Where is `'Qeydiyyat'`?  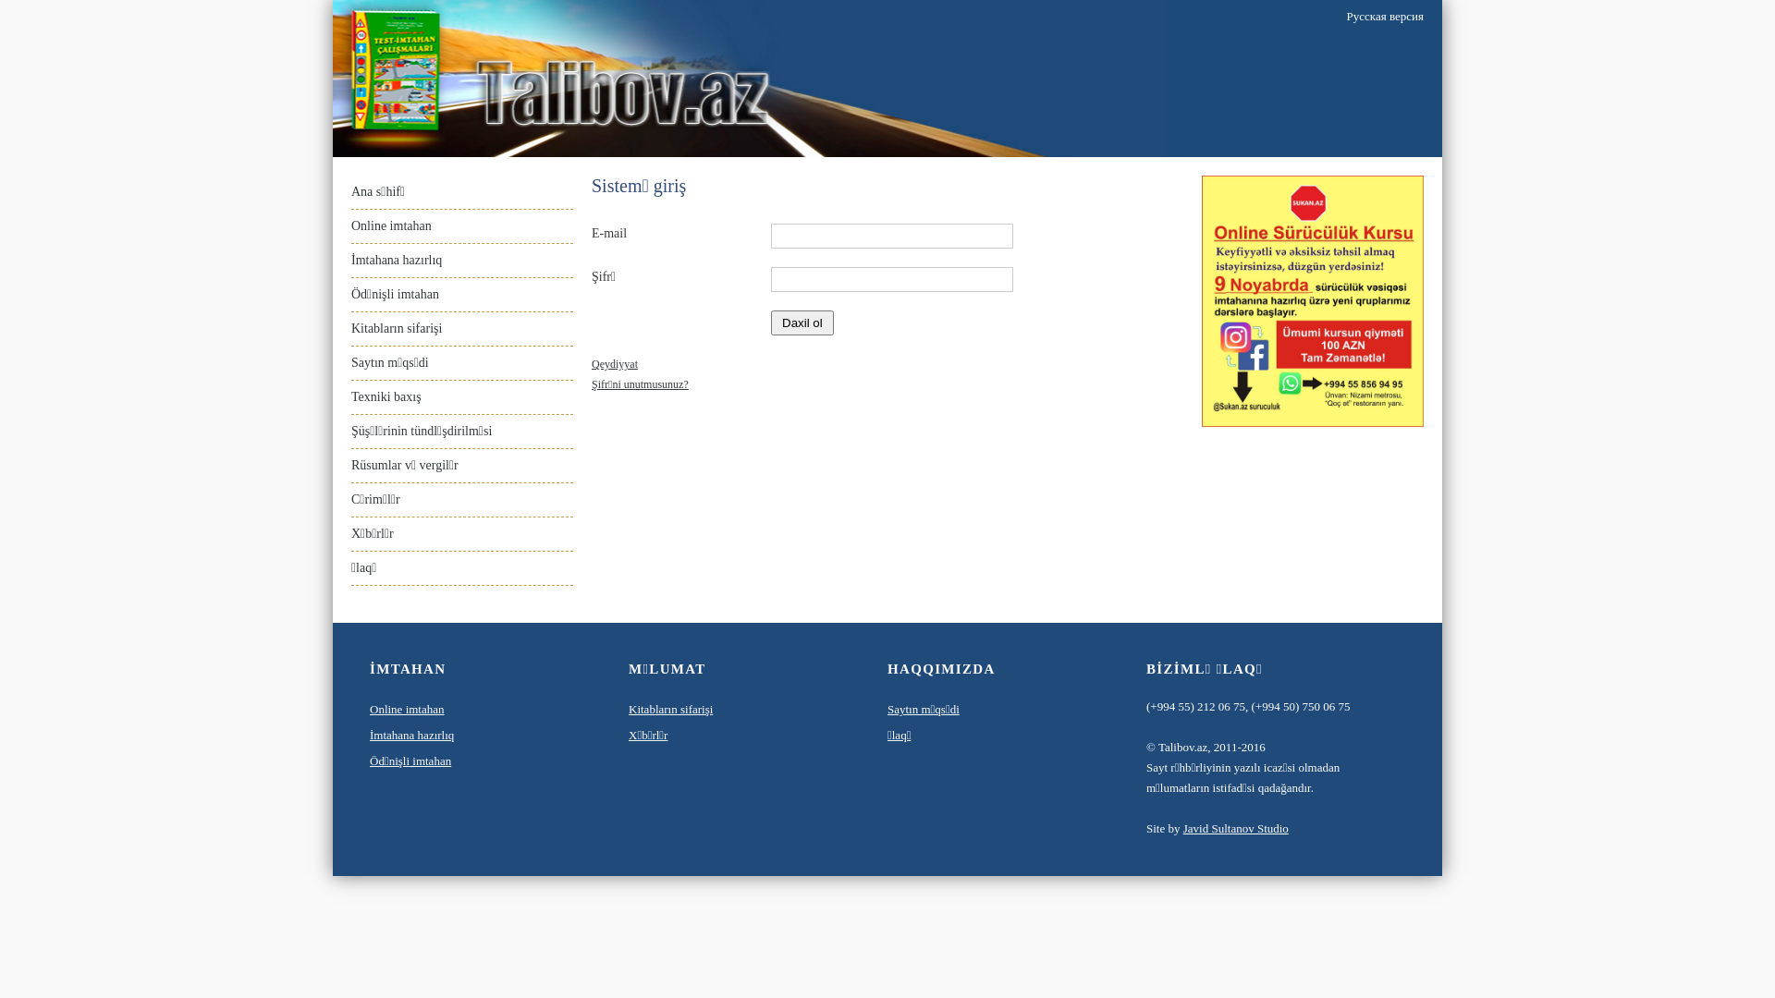
'Qeydiyyat' is located at coordinates (615, 363).